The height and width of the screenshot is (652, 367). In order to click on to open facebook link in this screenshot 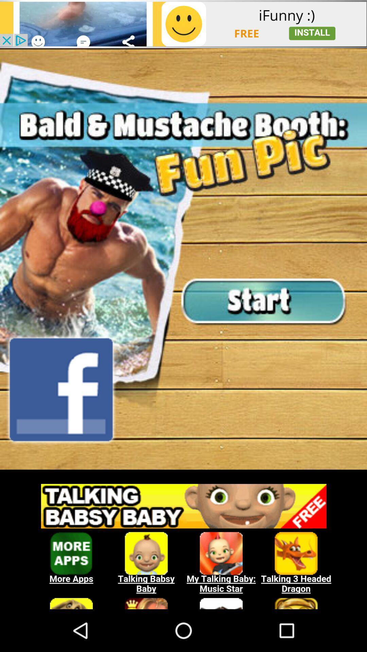, I will do `click(61, 390)`.